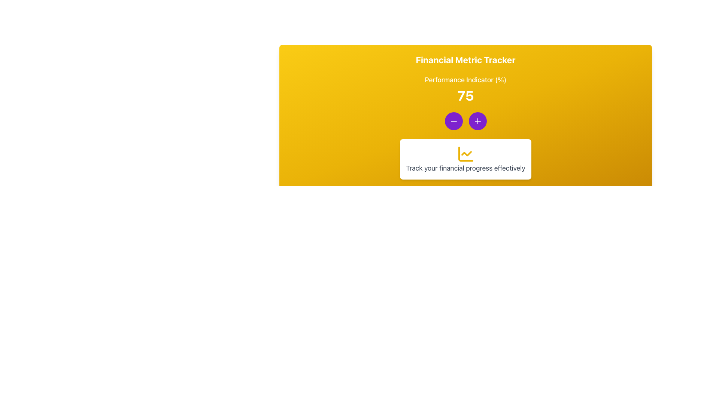 The image size is (719, 404). What do you see at coordinates (465, 154) in the screenshot?
I see `the yellow line chart symbol with a zigzag pattern representing a performance trend, located within the white card below the 'Financial Metric Tracker' heading` at bounding box center [465, 154].